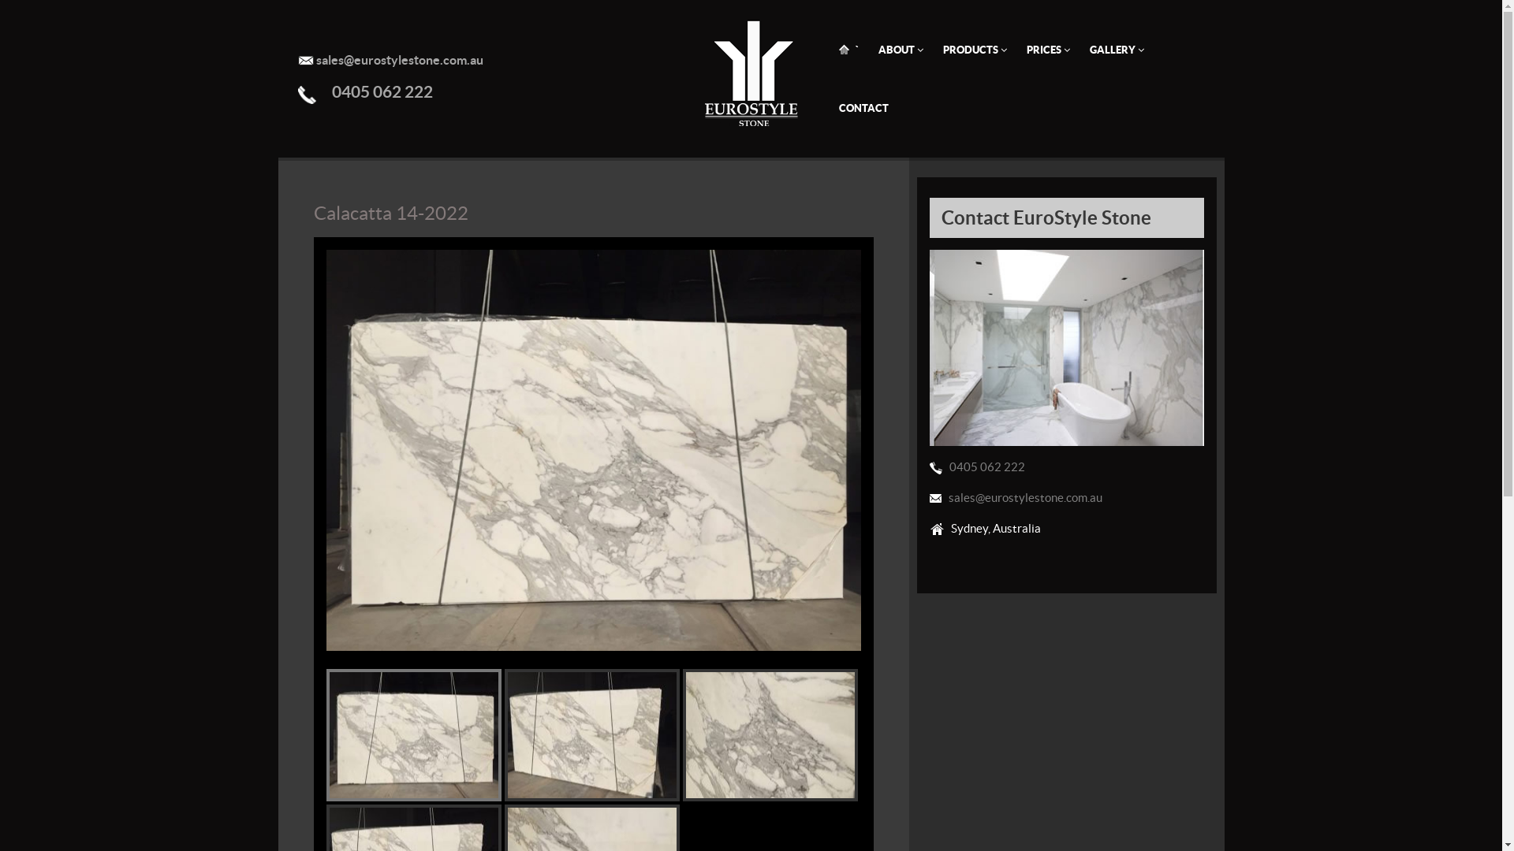  I want to click on 'Euro Style Stone - Home Page', so click(751, 72).